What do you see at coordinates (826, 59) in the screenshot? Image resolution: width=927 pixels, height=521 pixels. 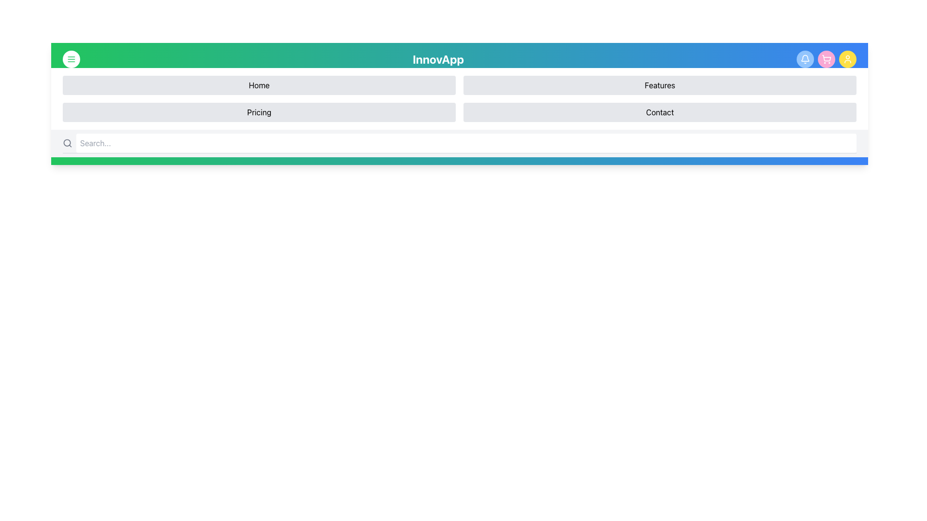 I see `the circular pink button featuring a white shopping cart icon using keyboard navigation` at bounding box center [826, 59].